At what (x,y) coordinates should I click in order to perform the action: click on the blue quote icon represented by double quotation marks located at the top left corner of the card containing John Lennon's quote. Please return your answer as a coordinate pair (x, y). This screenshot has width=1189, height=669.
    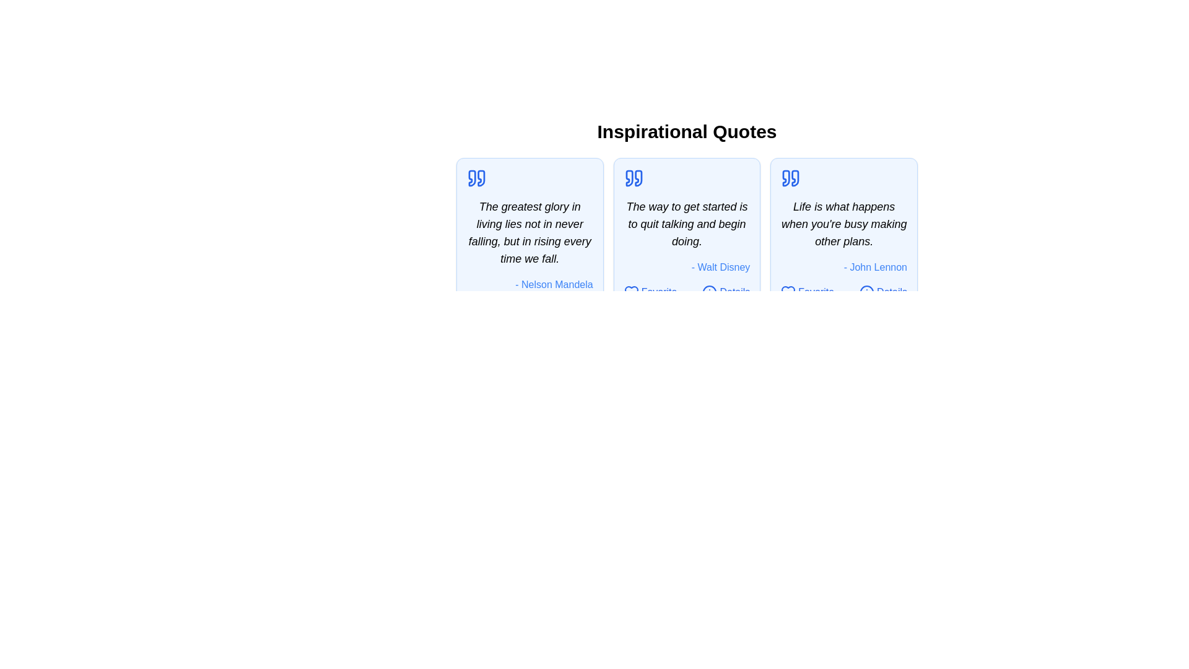
    Looking at the image, I should click on (790, 178).